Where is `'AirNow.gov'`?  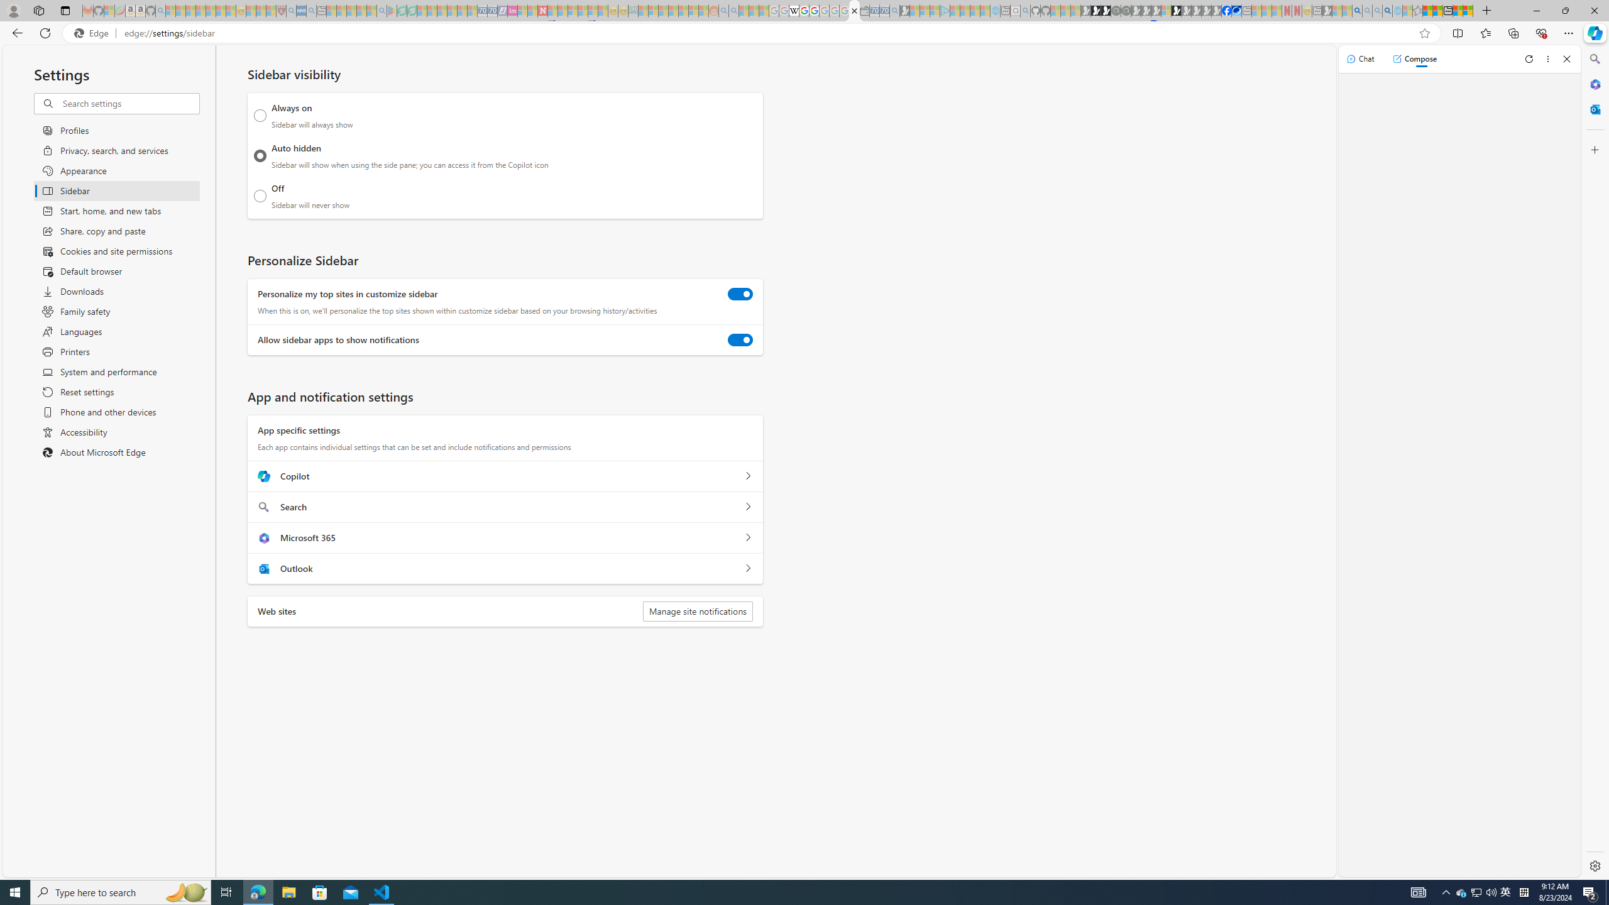
'AirNow.gov' is located at coordinates (1236, 10).